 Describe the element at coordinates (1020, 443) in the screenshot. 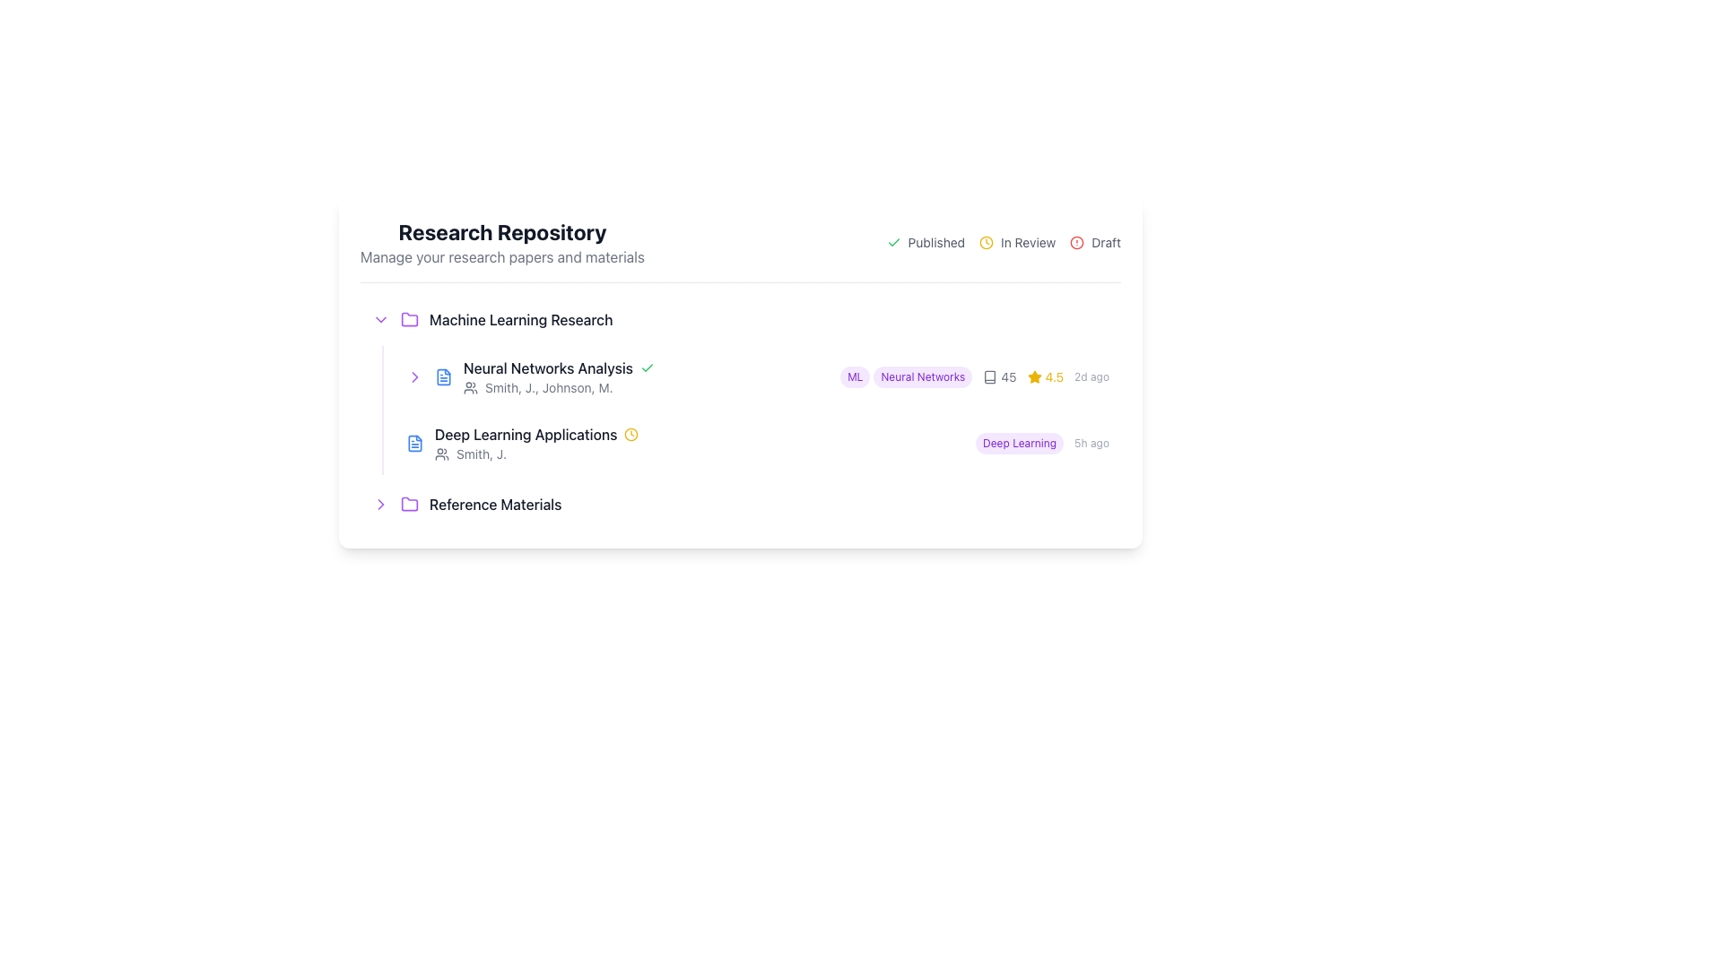

I see `the text label reading 'Deep Learning' with a soft purple background, which is positioned to the right of the entry titled 'Deep Learning Applications'` at that location.